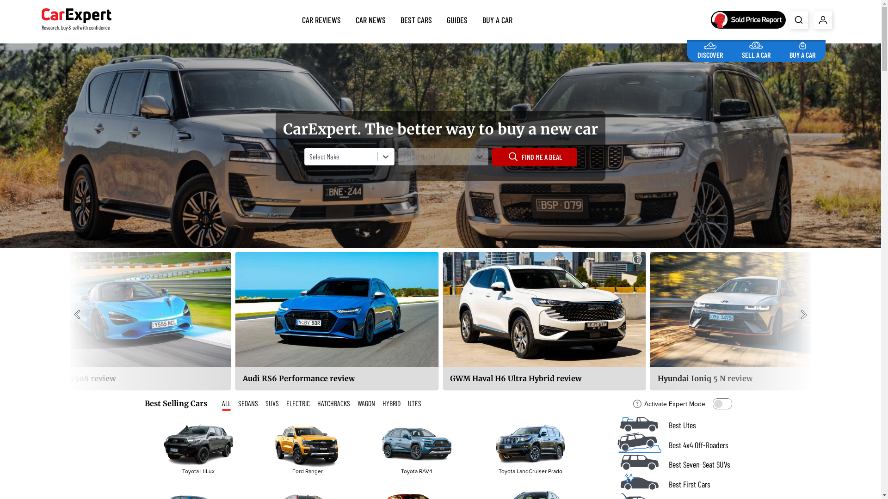 This screenshot has width=888, height=499. I want to click on 'SELL A CAR', so click(756, 49).